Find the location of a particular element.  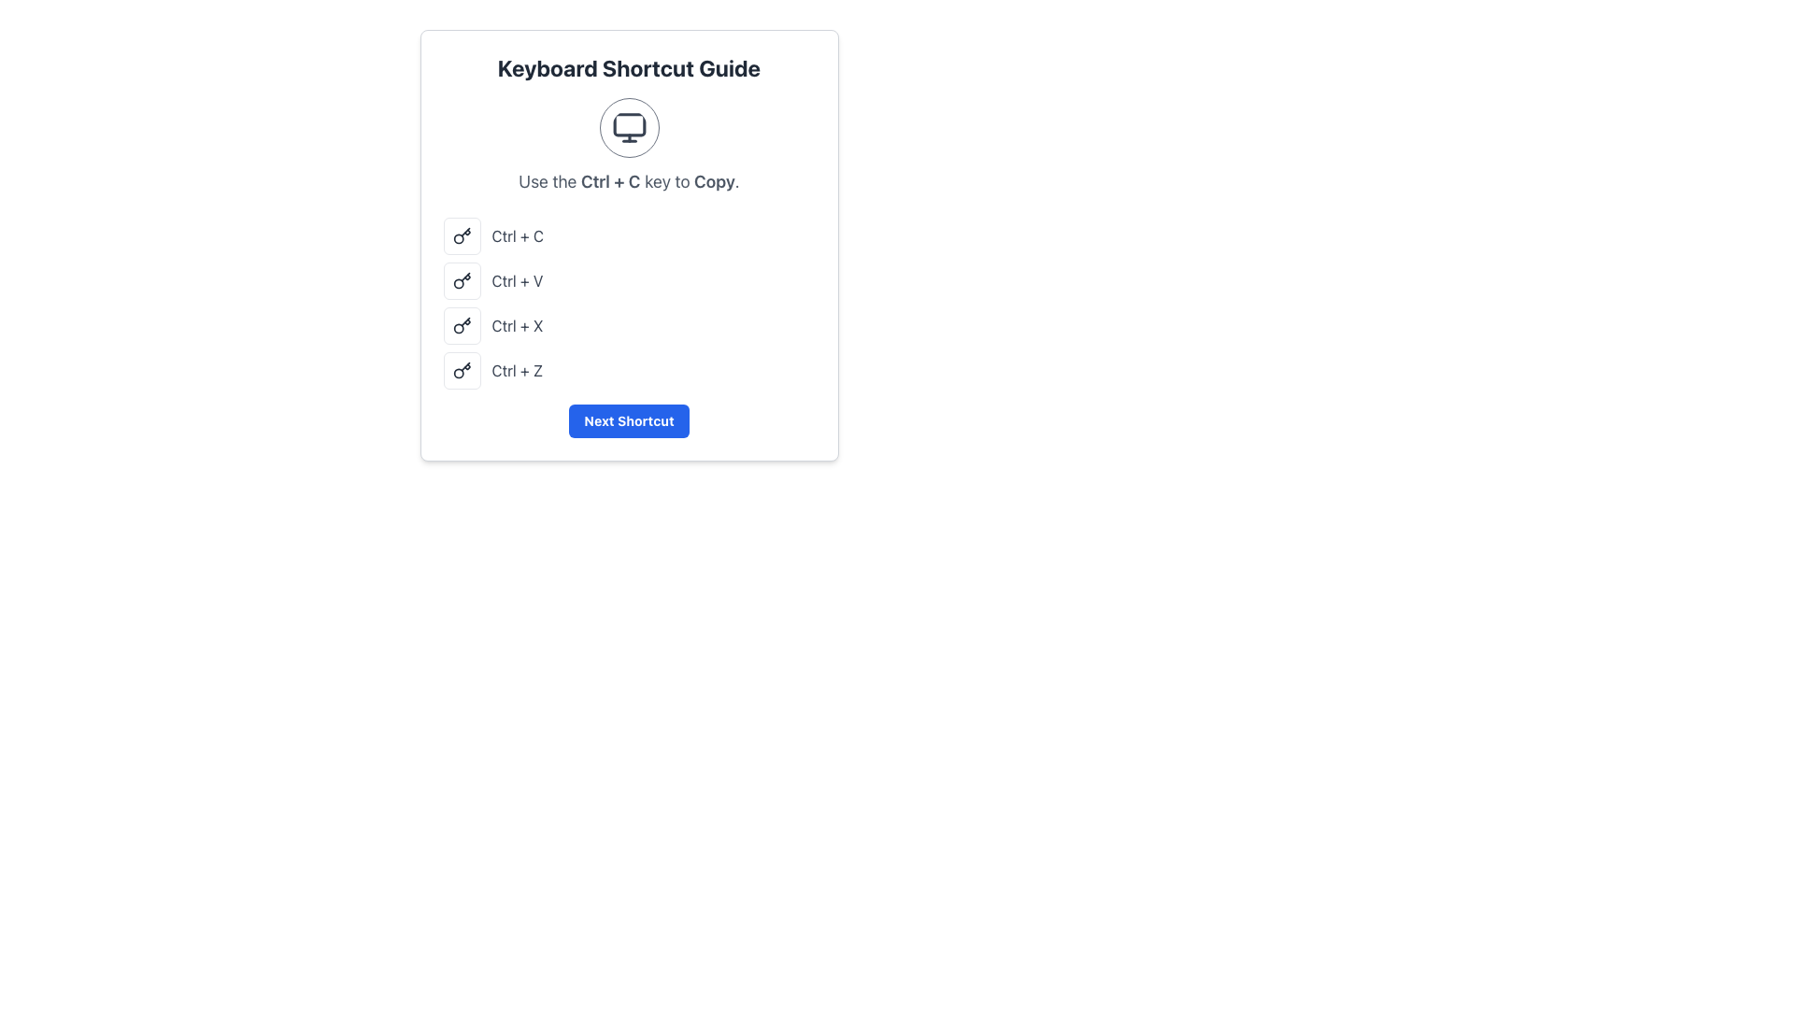

text label displaying the word 'Copy' which is emphasized in bold and located to the right of 'Ctrl + C' in the interface is located at coordinates (713, 181).